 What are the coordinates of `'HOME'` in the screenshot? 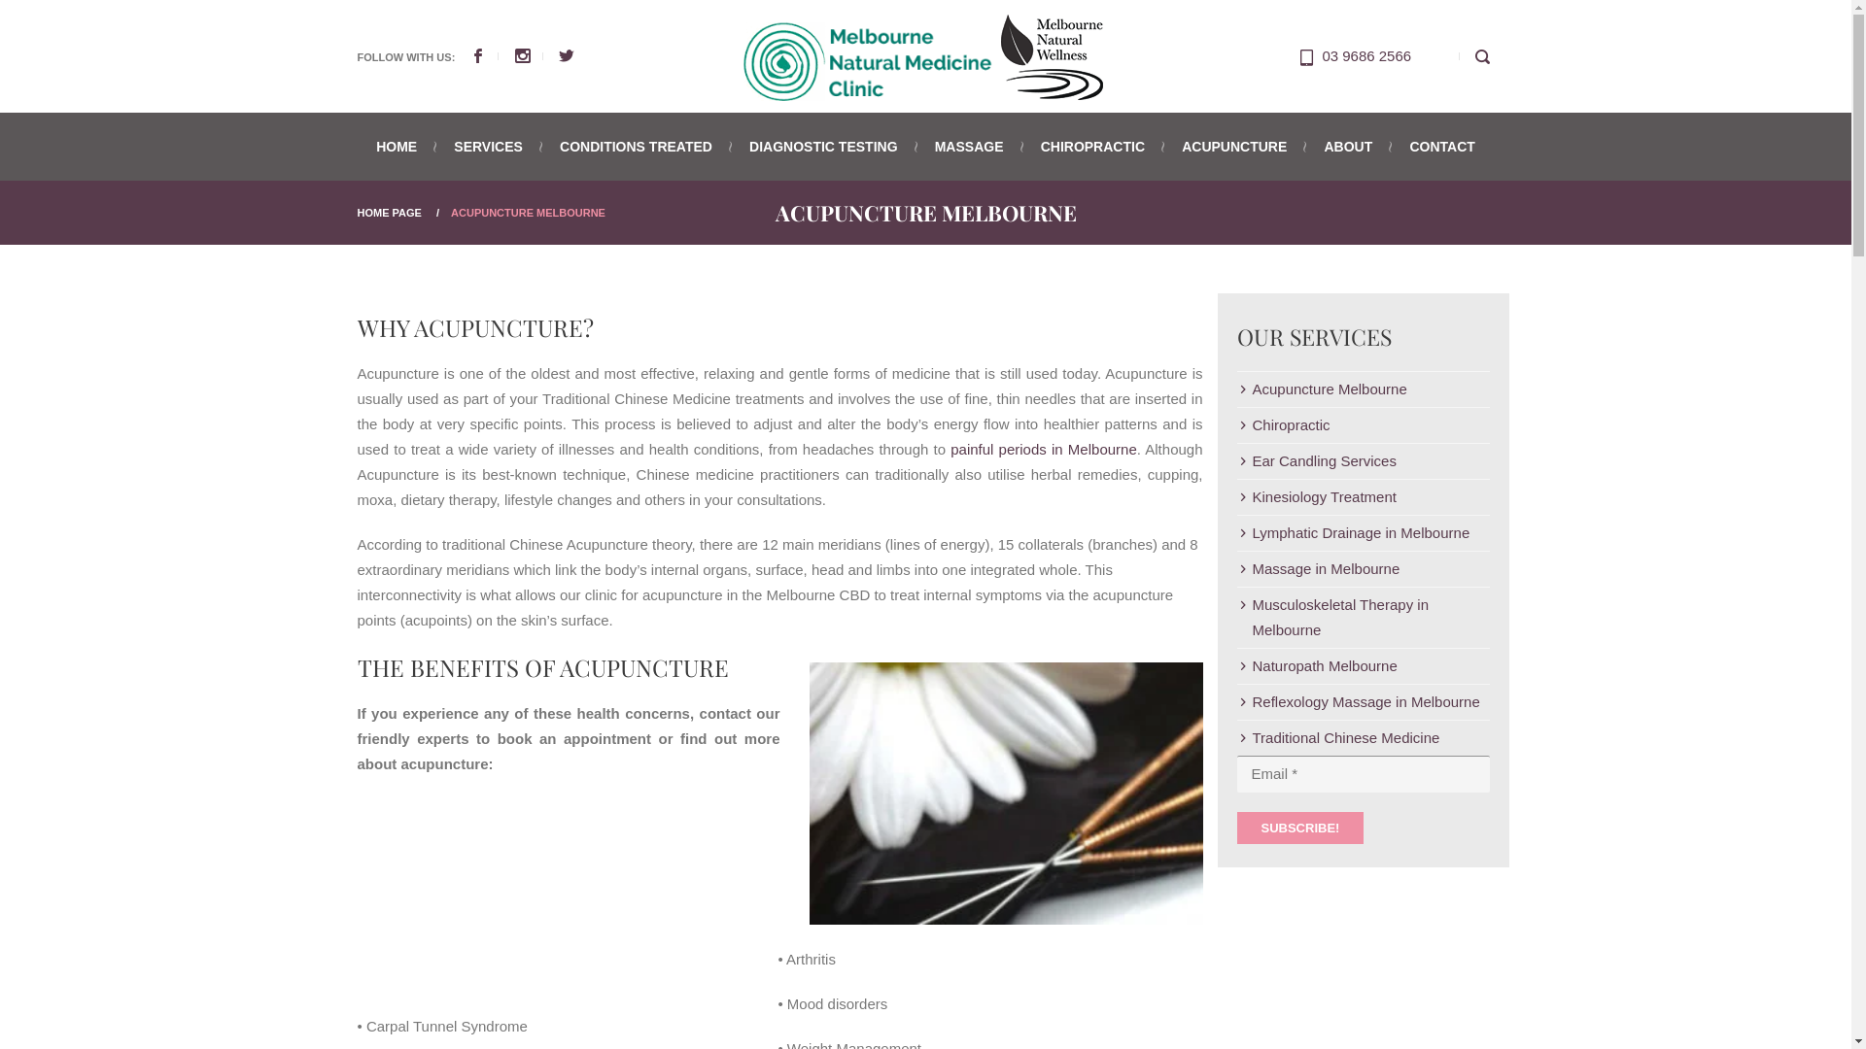 It's located at (403, 145).